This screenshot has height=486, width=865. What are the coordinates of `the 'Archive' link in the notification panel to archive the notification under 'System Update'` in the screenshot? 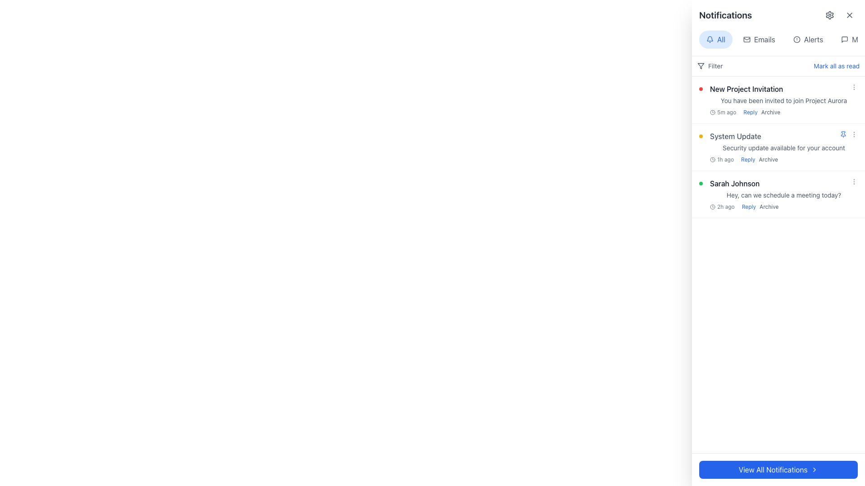 It's located at (759, 159).